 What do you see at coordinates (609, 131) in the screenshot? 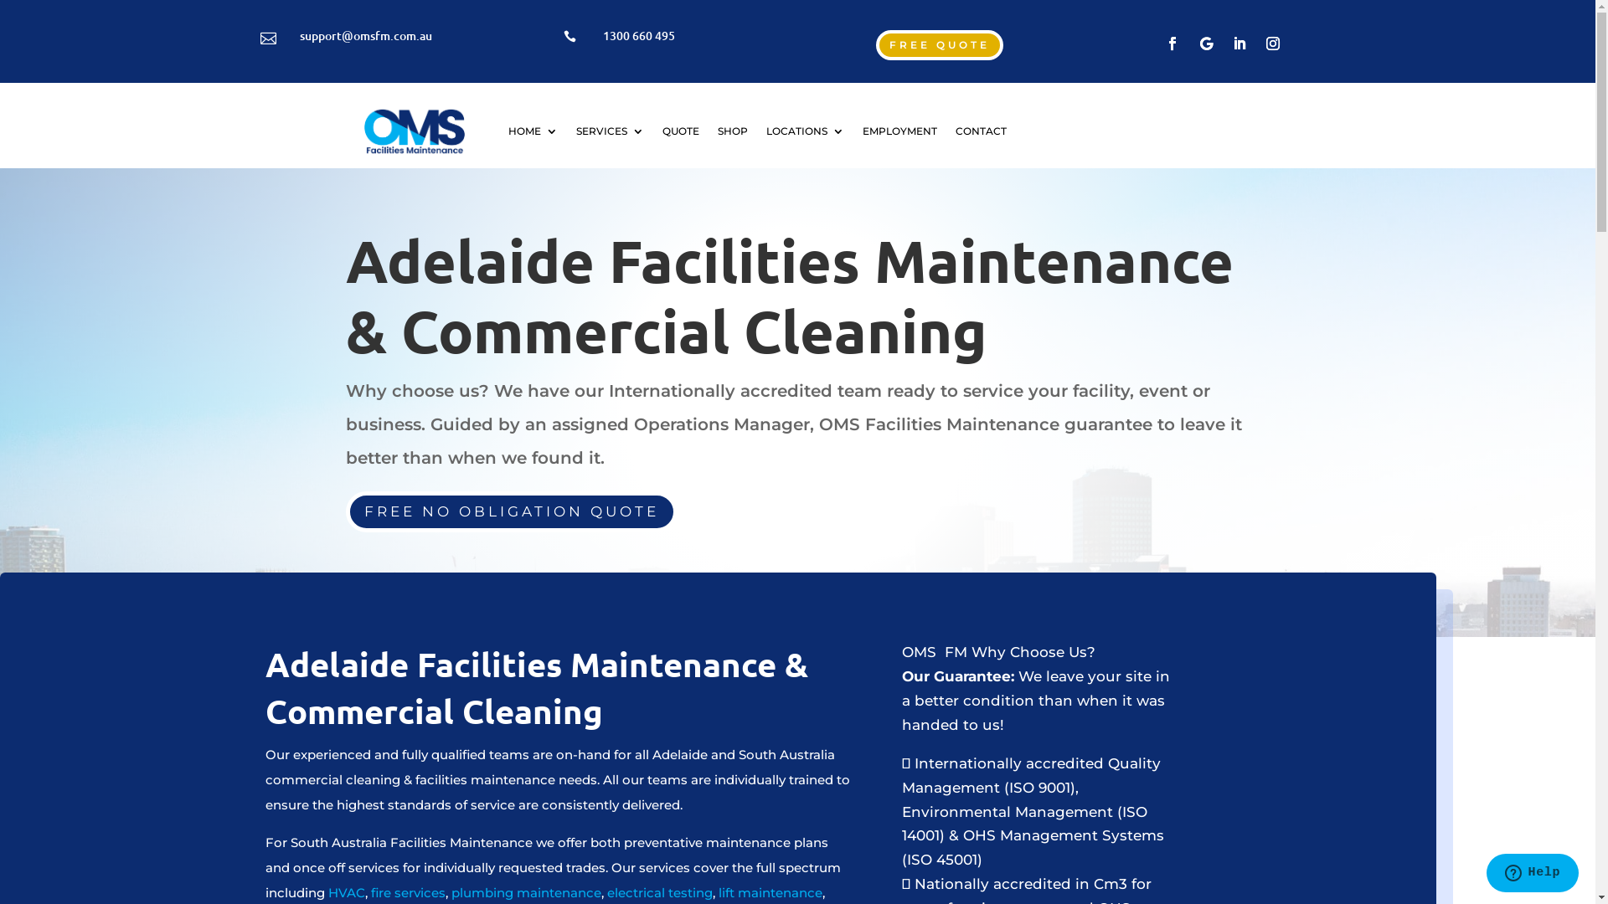
I see `'SERVICES'` at bounding box center [609, 131].